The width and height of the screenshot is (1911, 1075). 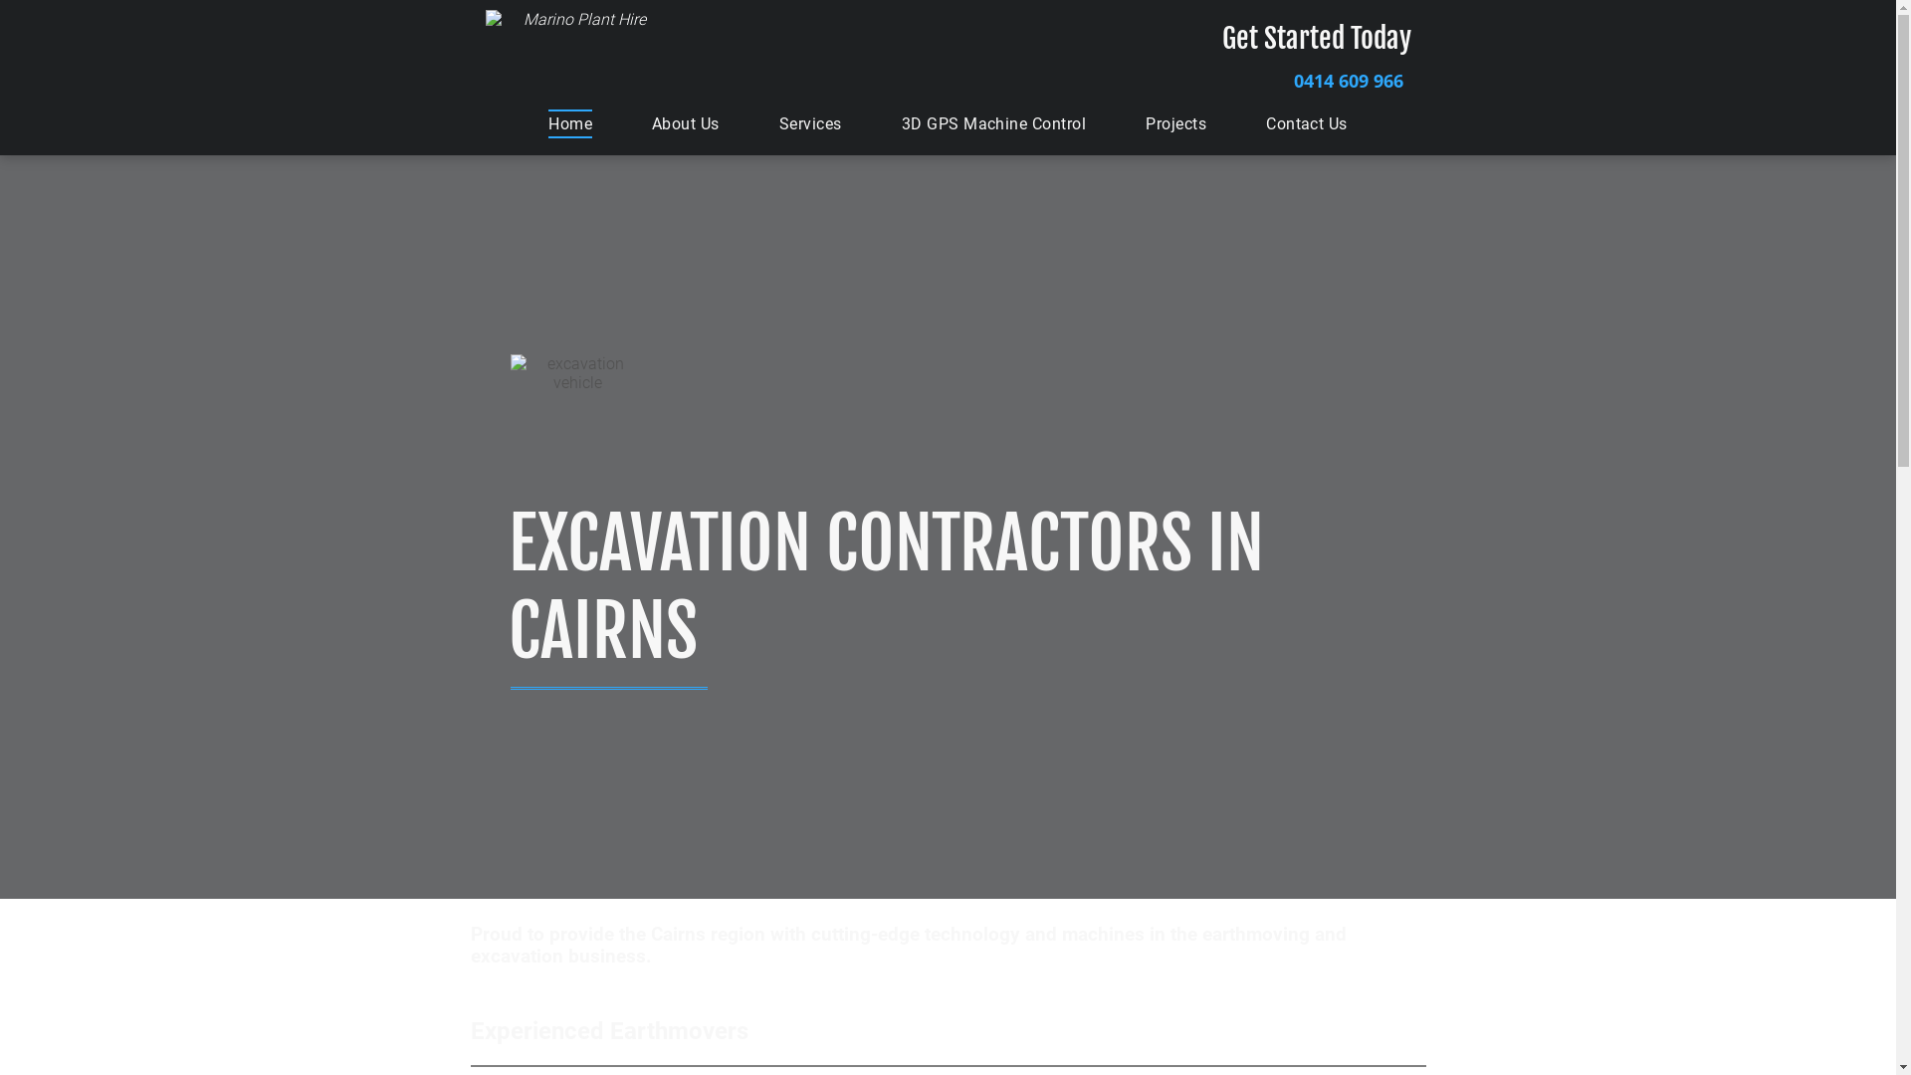 I want to click on 'Home', so click(x=568, y=123).